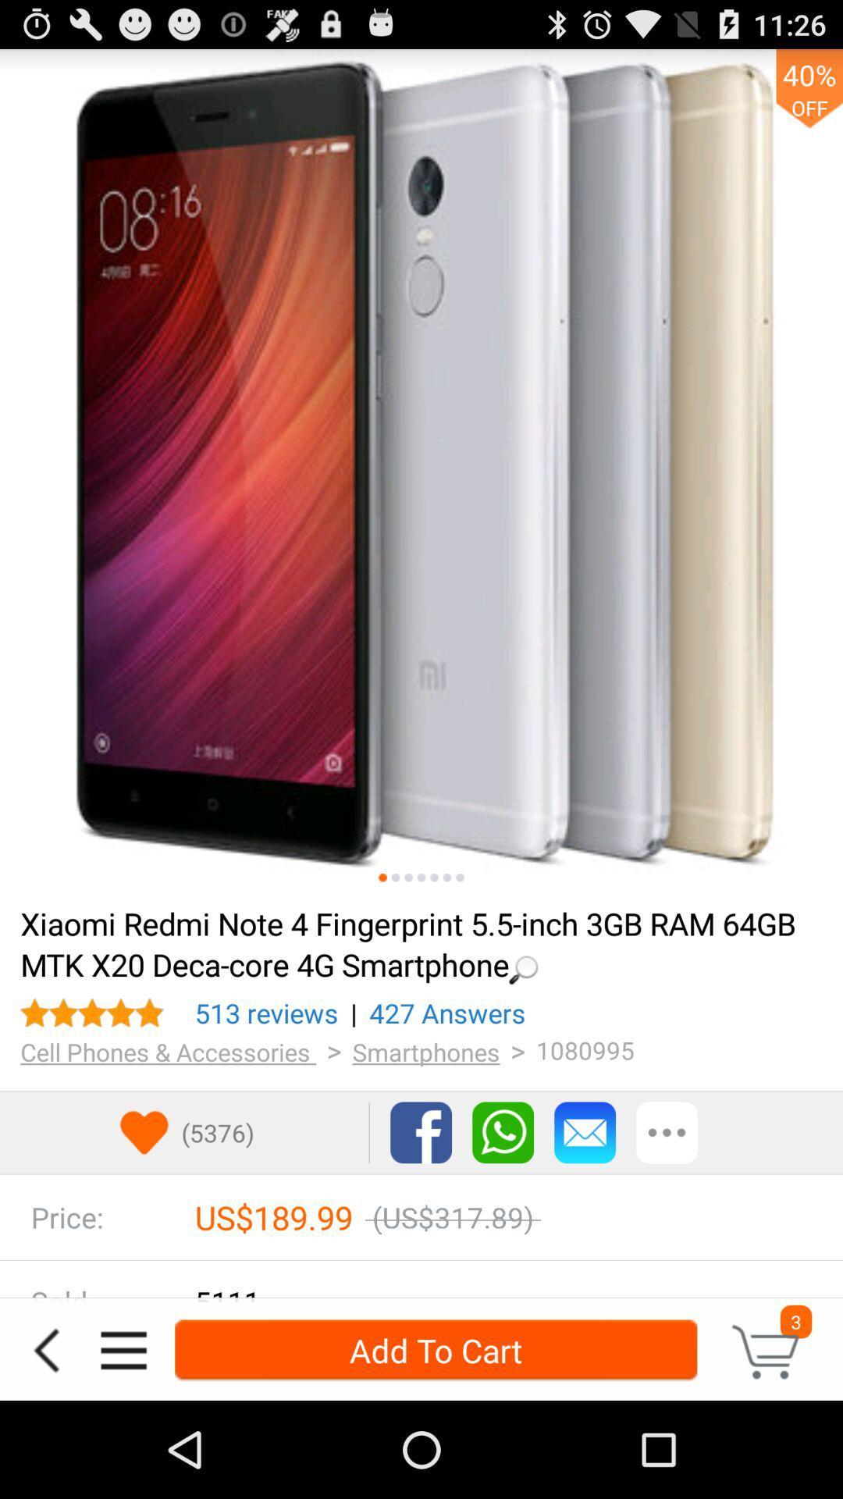  I want to click on the icon to the left of add to cart icon, so click(123, 1349).